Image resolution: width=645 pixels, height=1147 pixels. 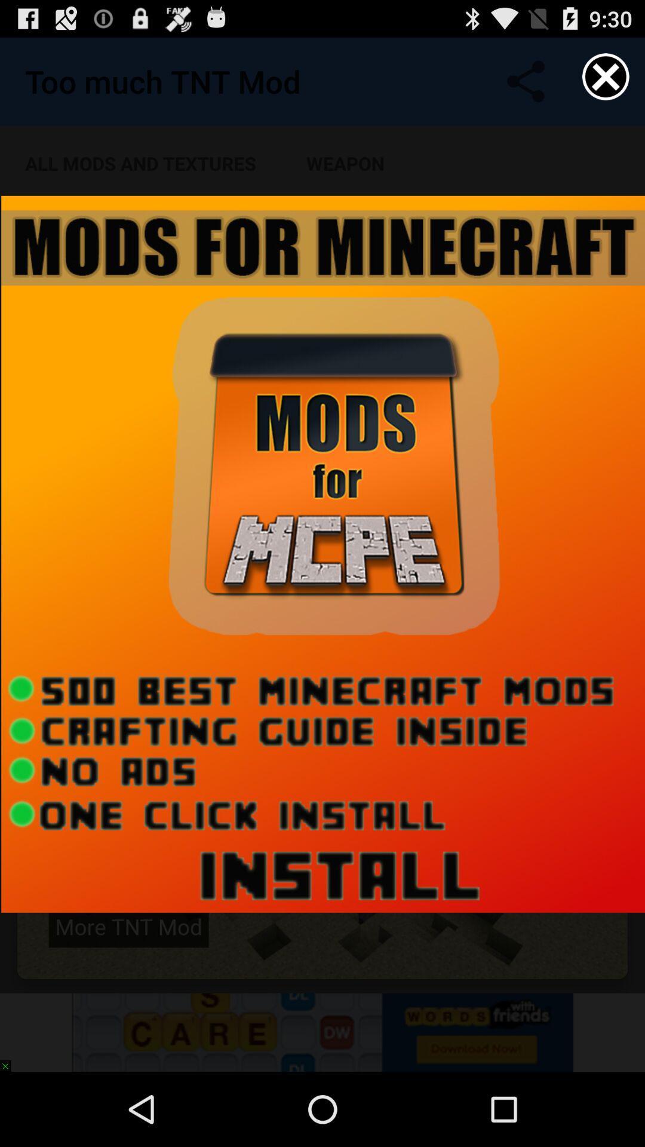 What do you see at coordinates (606, 76) in the screenshot?
I see `press exit` at bounding box center [606, 76].